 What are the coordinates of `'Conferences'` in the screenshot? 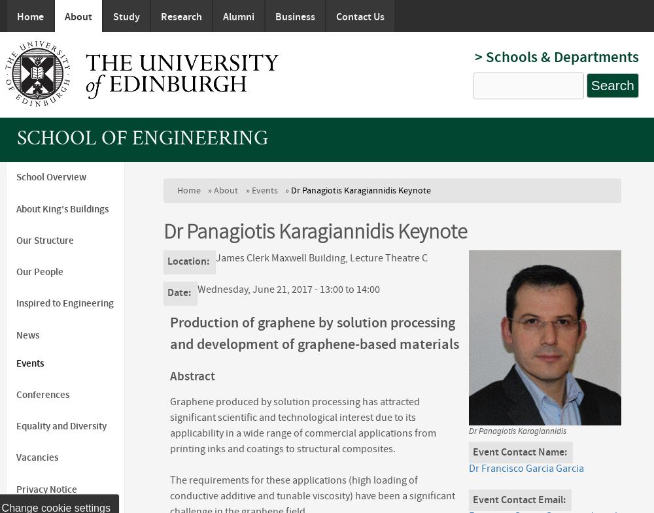 It's located at (42, 394).